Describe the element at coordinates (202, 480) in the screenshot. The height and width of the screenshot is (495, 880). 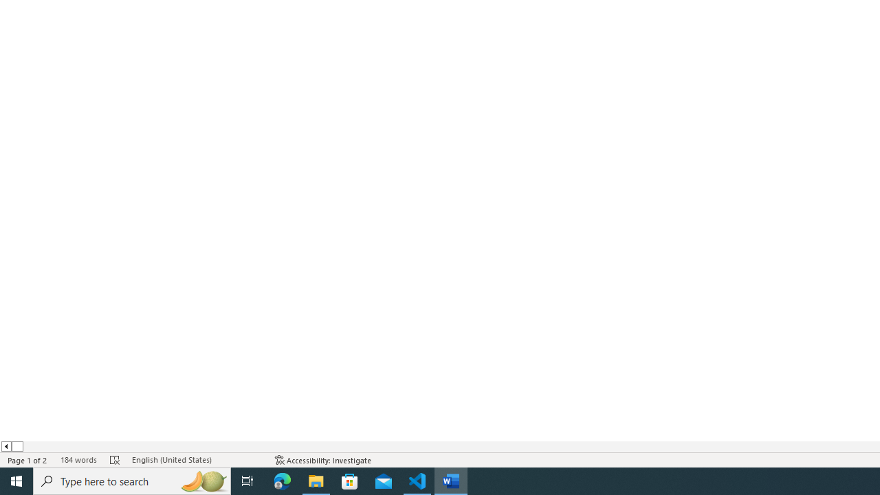
I see `'Search highlights icon opens search home window'` at that location.